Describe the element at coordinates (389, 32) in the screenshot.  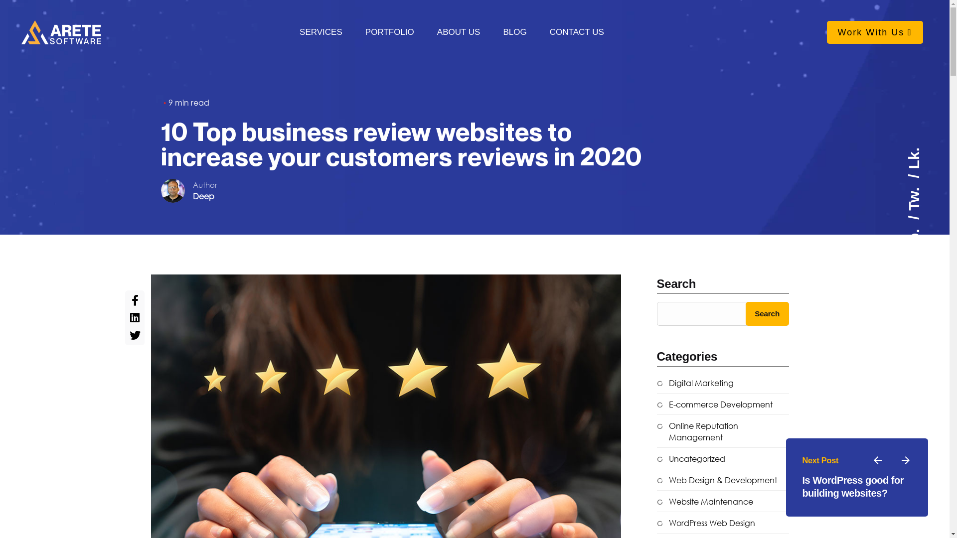
I see `'PORTFOLIO'` at that location.